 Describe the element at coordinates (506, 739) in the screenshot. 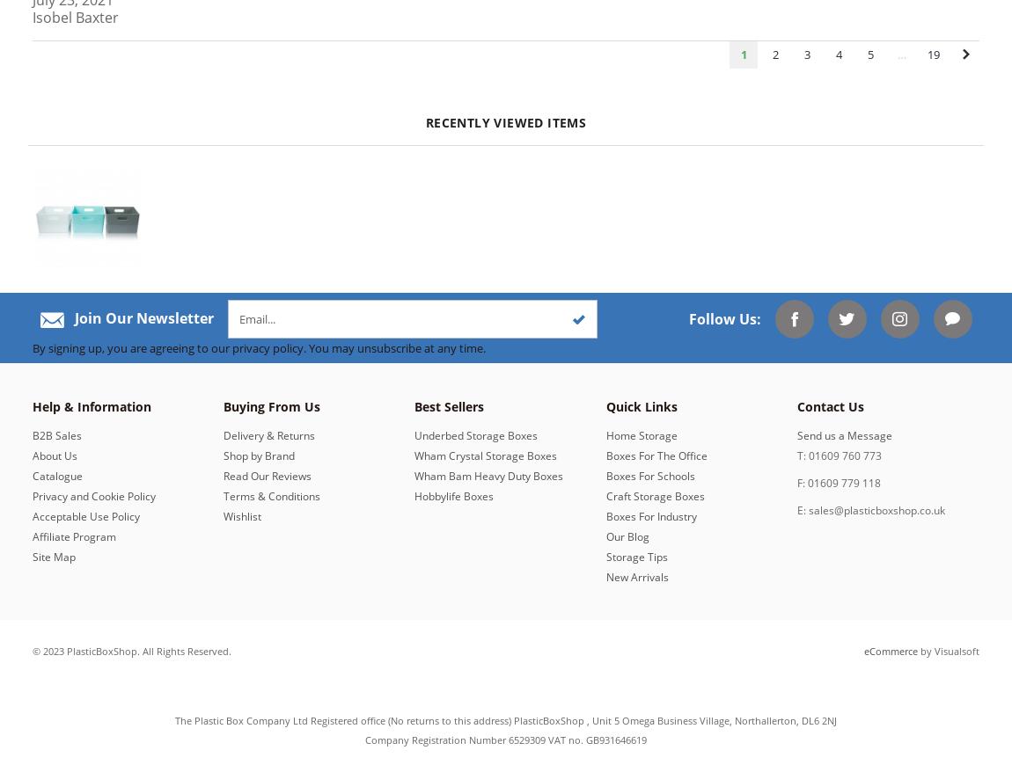

I see `'Company Registration Number 6529309 VAT no. GB931646619'` at that location.